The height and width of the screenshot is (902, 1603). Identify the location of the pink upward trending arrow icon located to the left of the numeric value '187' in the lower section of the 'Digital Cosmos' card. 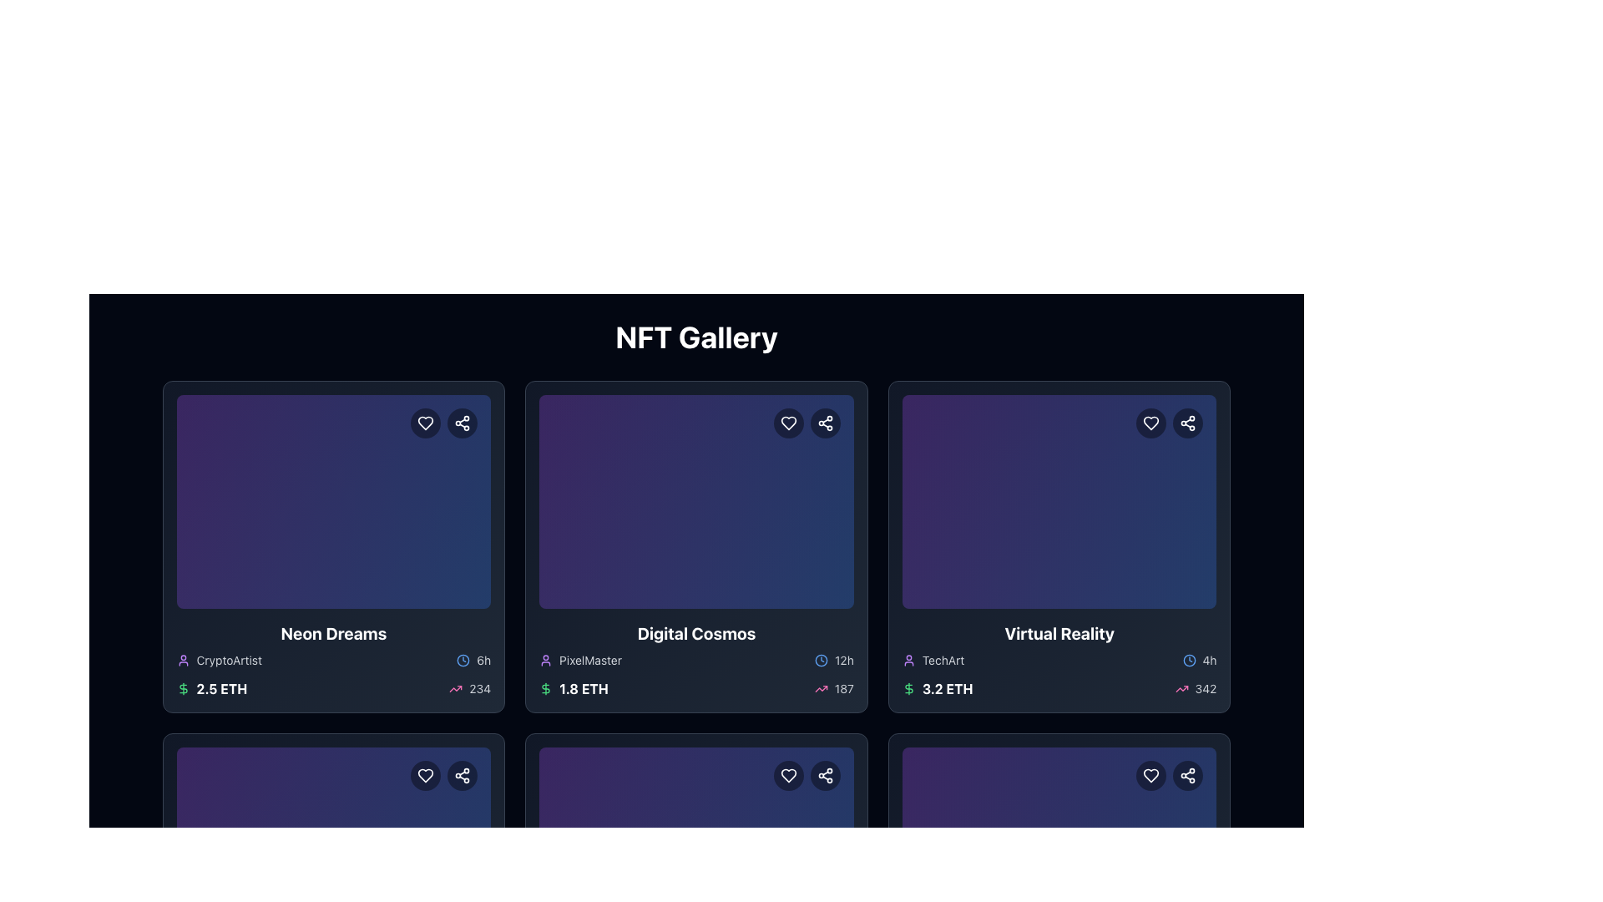
(821, 689).